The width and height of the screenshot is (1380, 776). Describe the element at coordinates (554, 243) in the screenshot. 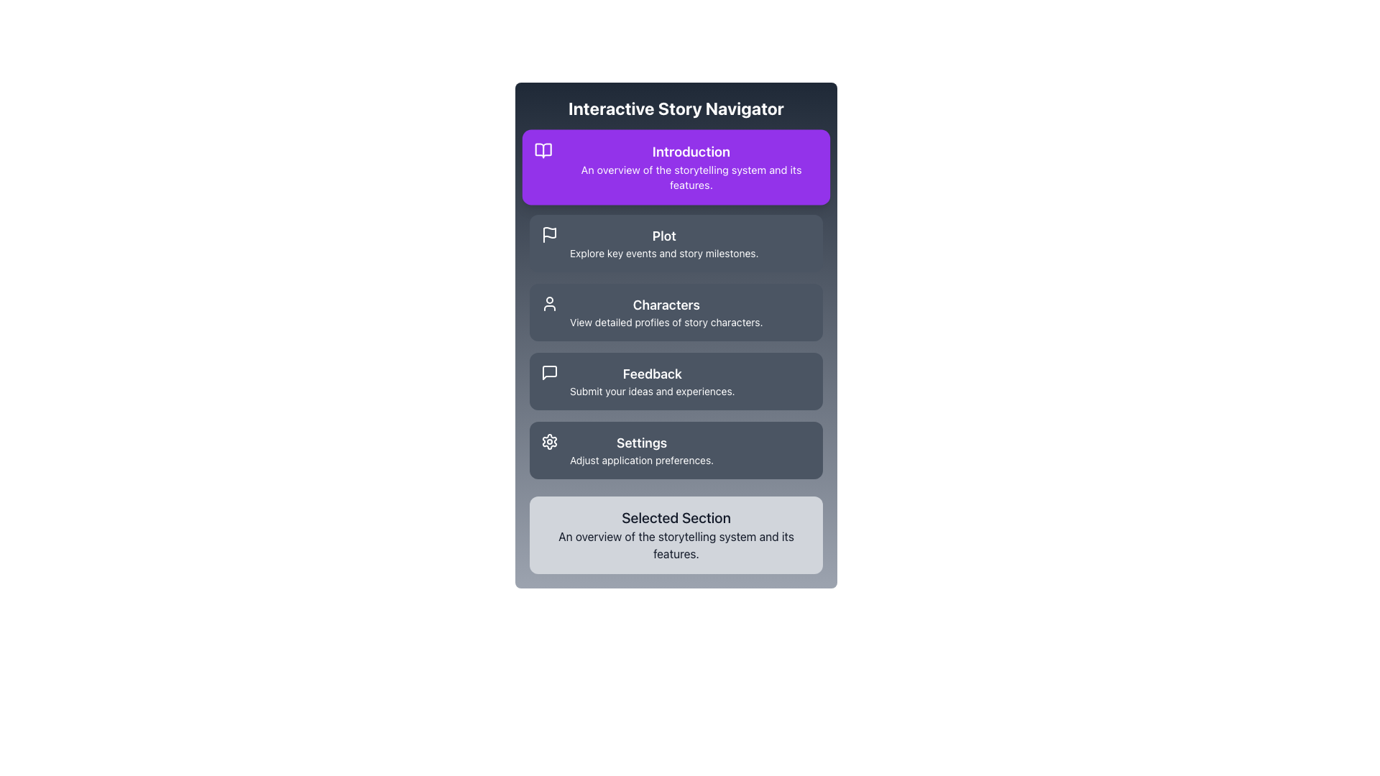

I see `the icon located in the top-left corner of the 'Plot' button, which serves as a visual indicator for the button's functionality` at that location.